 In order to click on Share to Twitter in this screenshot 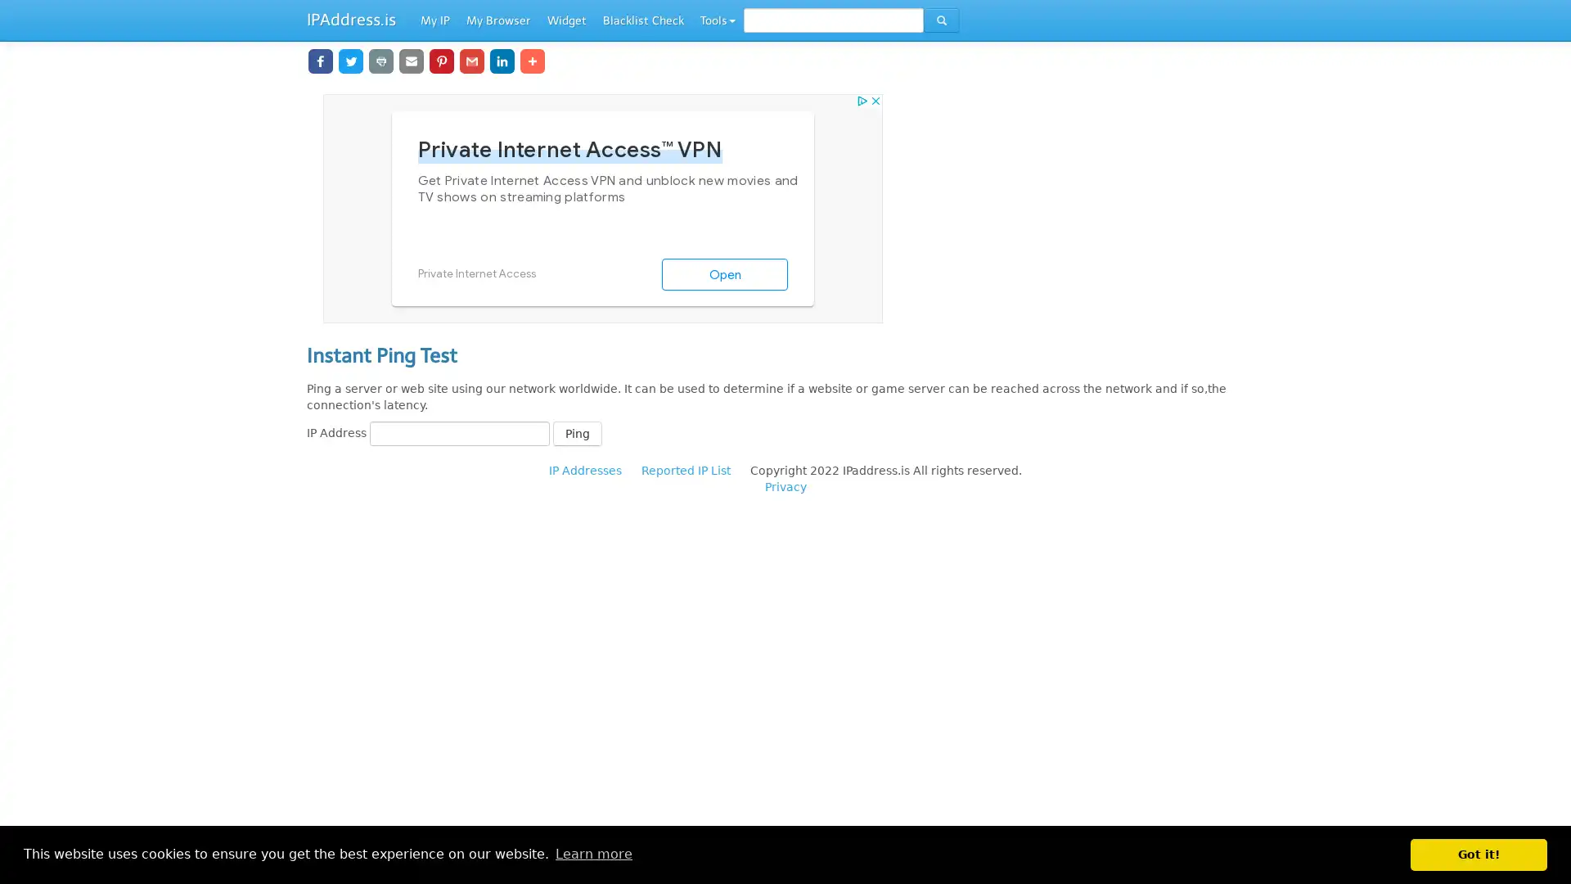, I will do `click(348, 60)`.